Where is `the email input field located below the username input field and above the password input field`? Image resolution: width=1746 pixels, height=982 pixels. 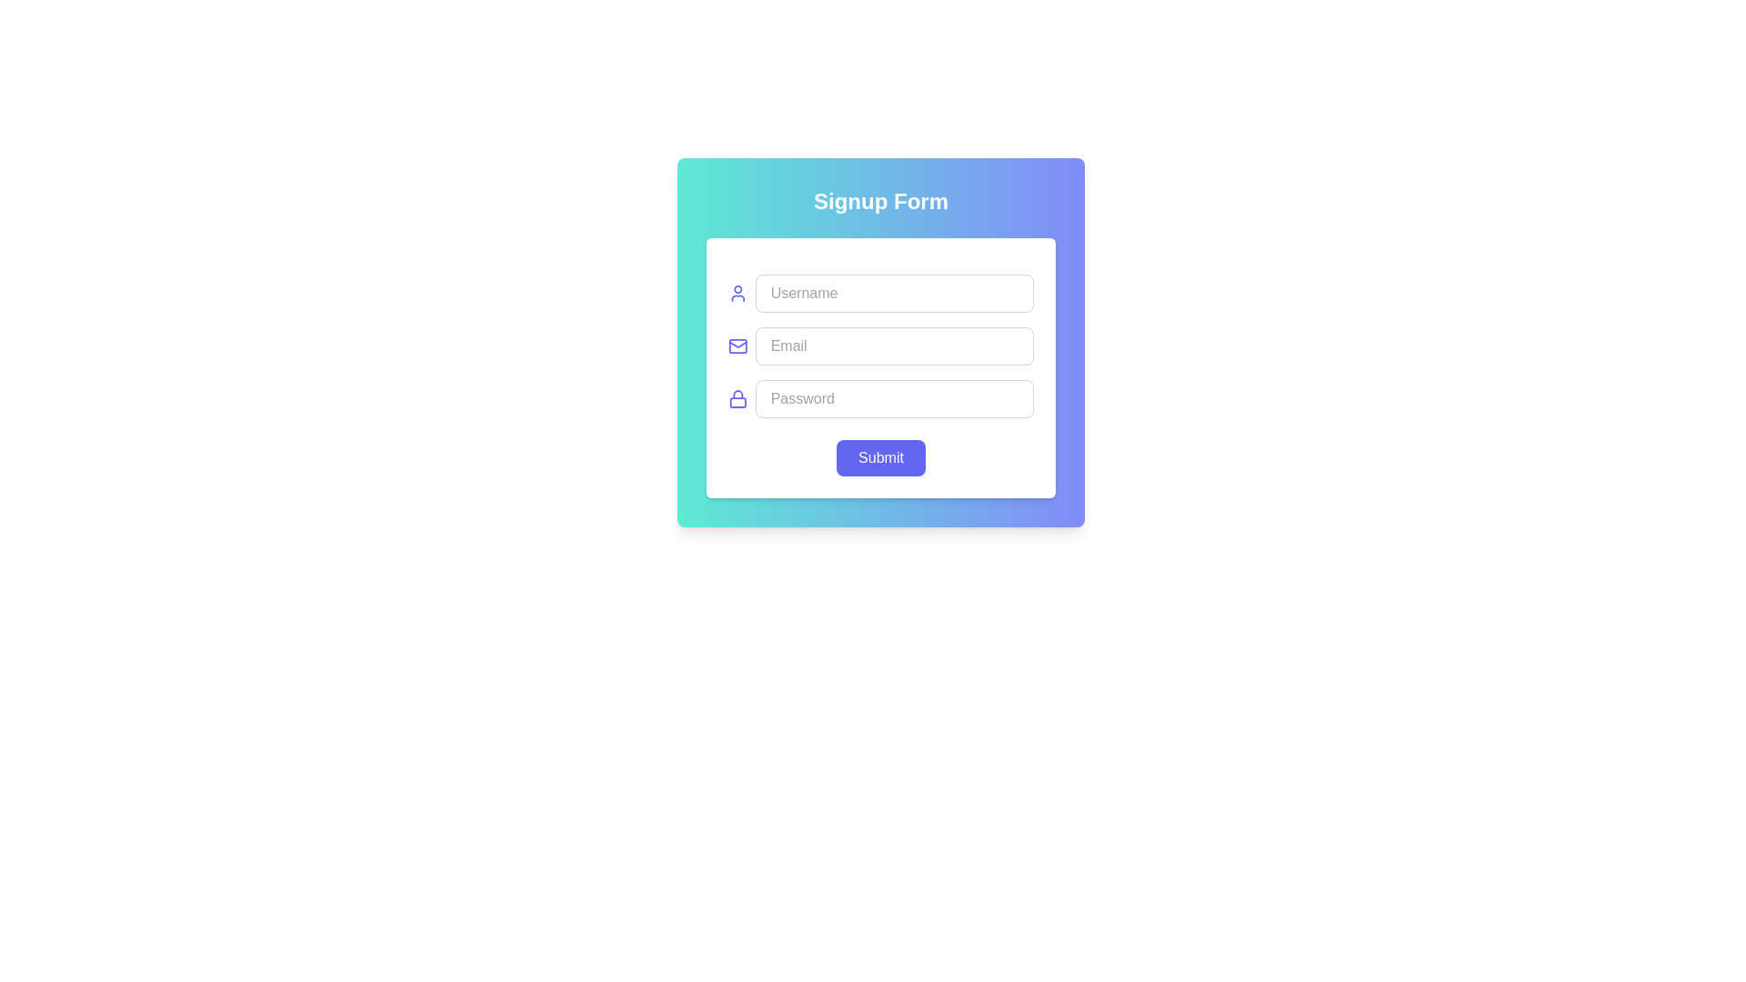
the email input field located below the username input field and above the password input field is located at coordinates (881, 346).